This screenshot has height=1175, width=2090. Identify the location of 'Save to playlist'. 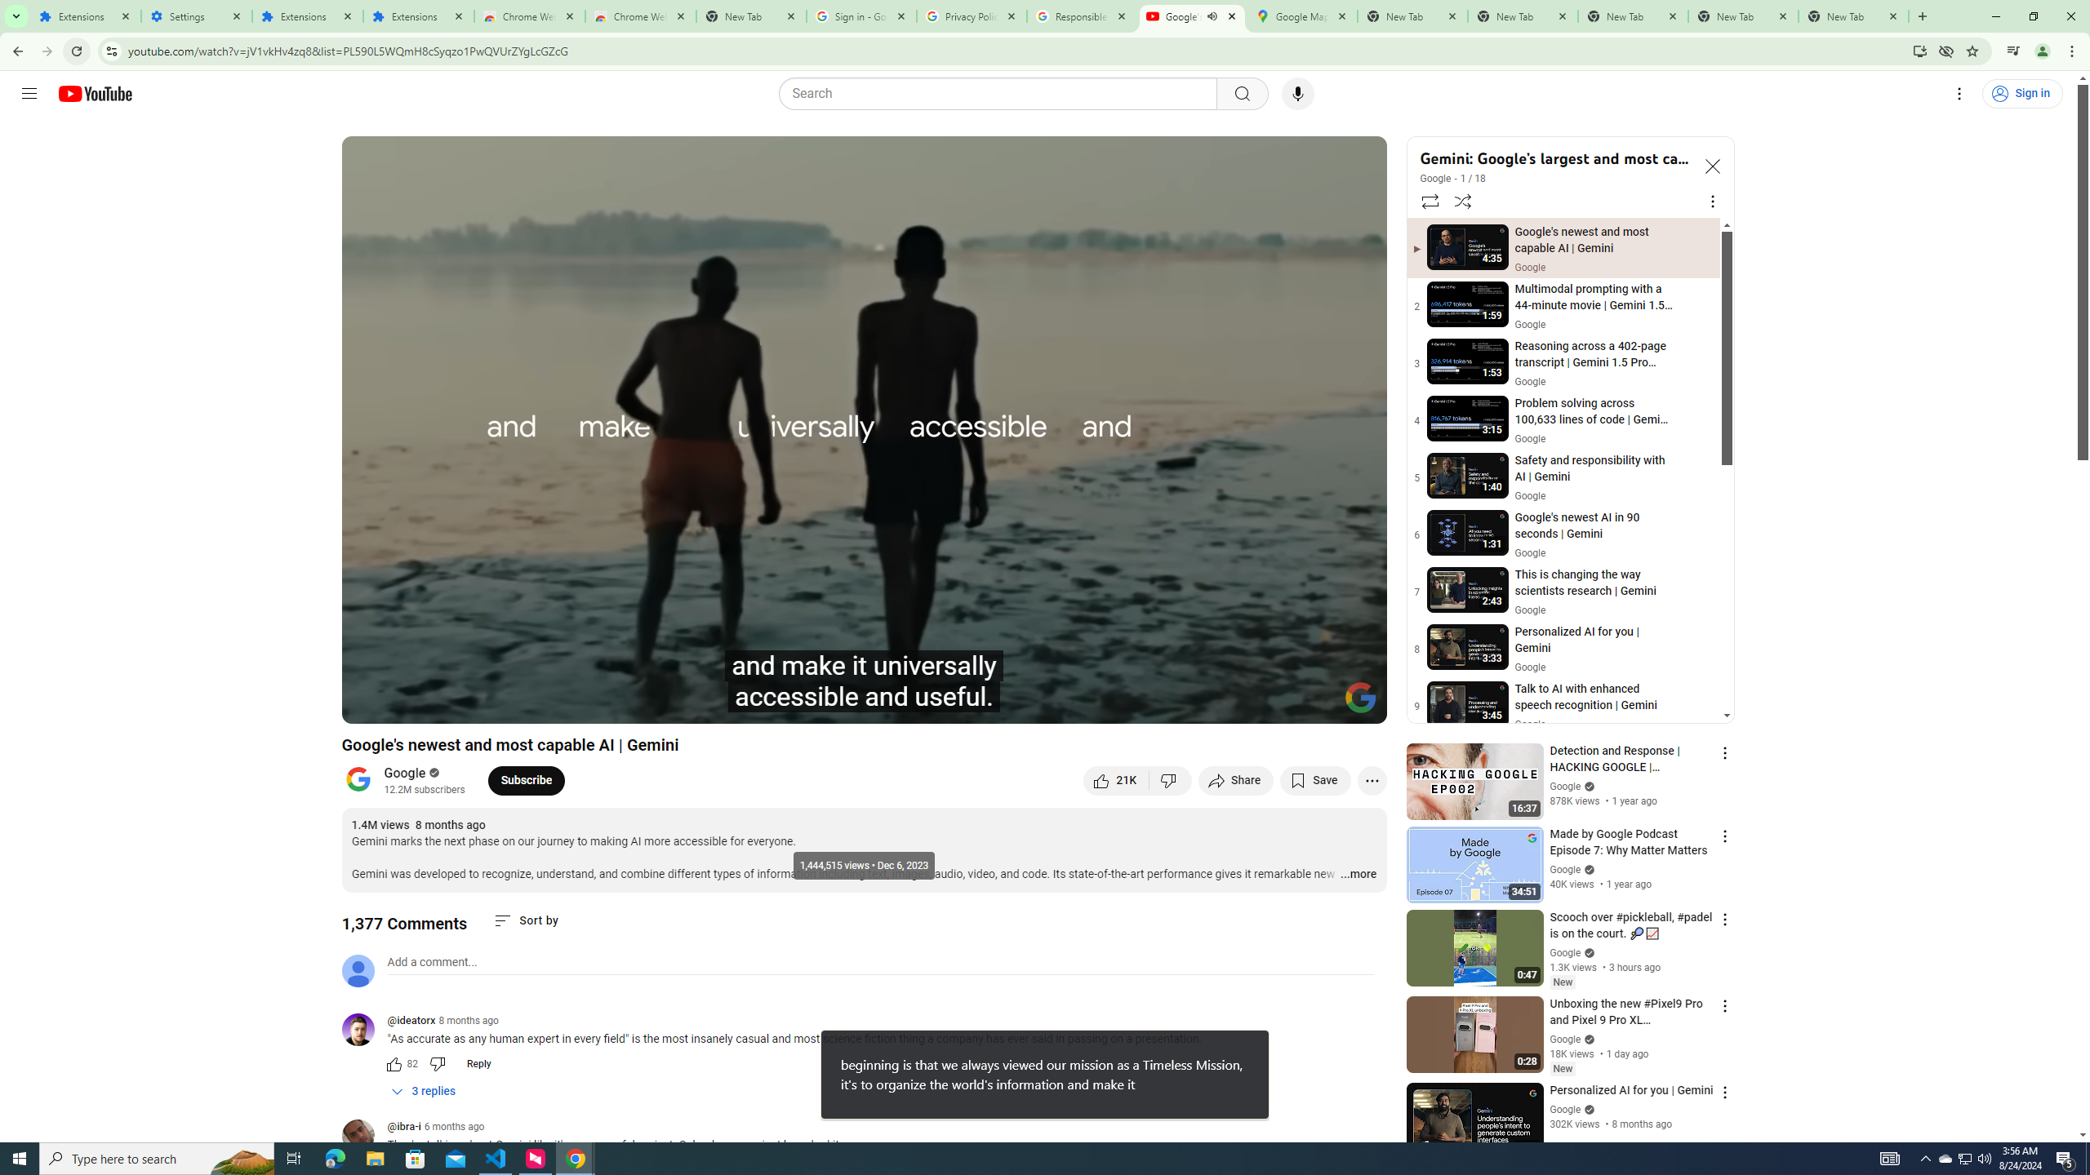
(1314, 779).